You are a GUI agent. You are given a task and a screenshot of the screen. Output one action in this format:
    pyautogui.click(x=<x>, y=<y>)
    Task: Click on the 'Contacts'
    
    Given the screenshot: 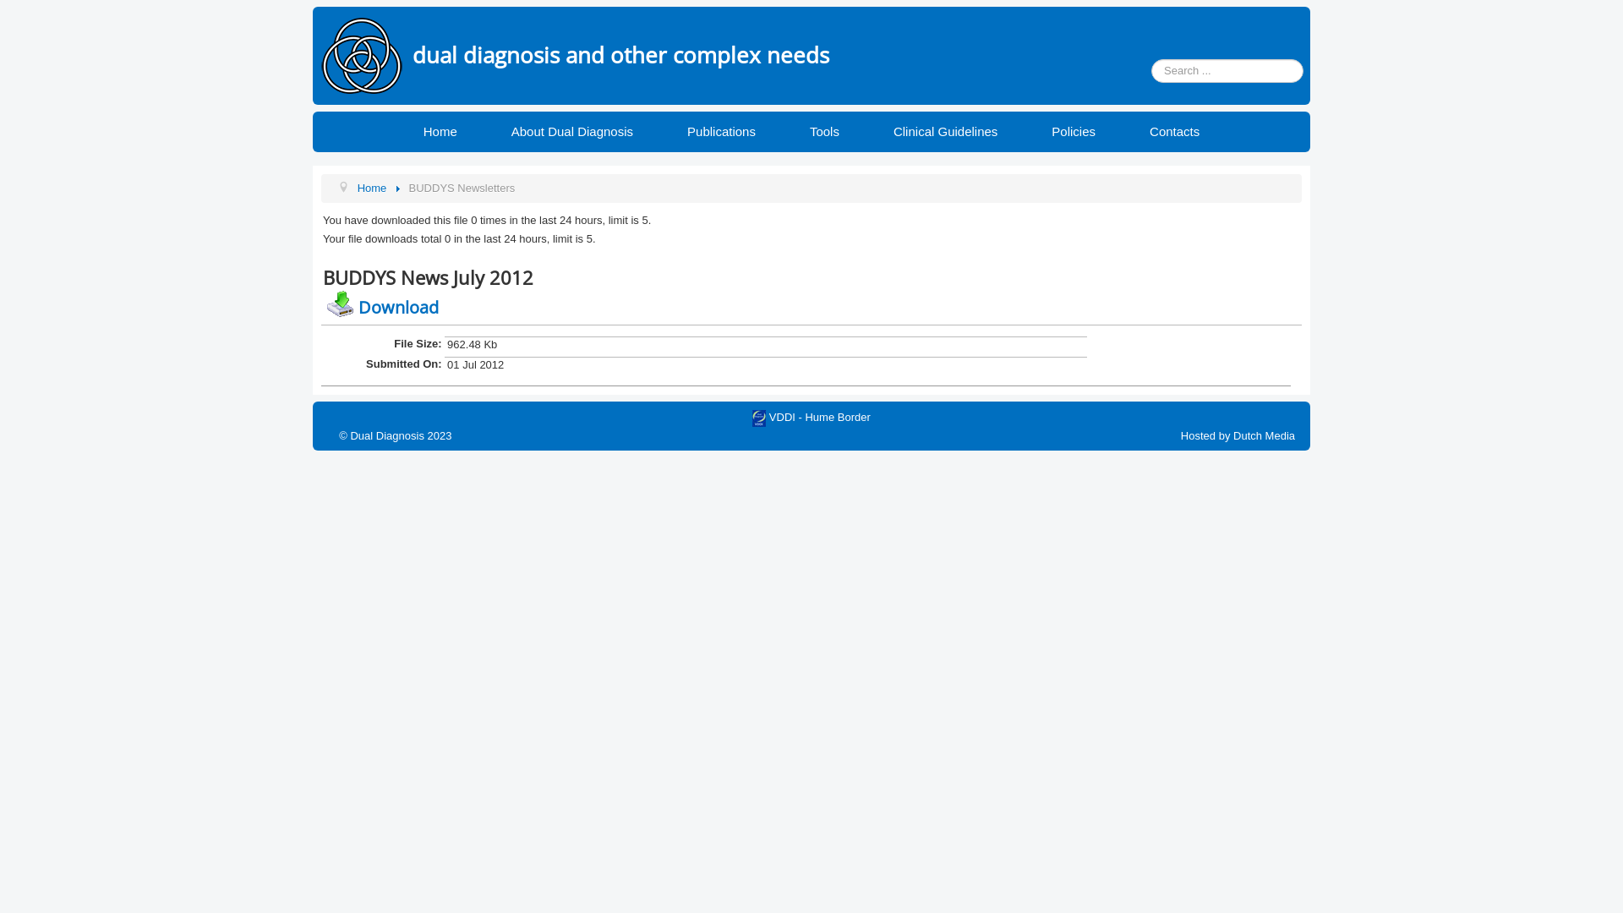 What is the action you would take?
    pyautogui.click(x=1173, y=130)
    